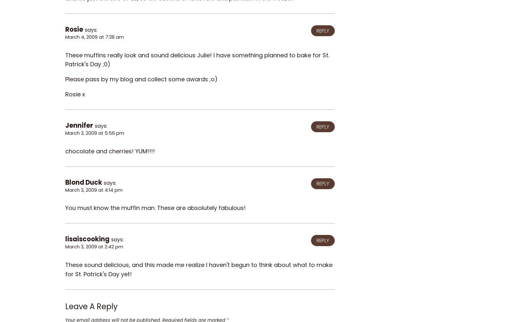 This screenshot has width=528, height=322. I want to click on 'March 3, 2009 at 2:42 pm', so click(94, 246).